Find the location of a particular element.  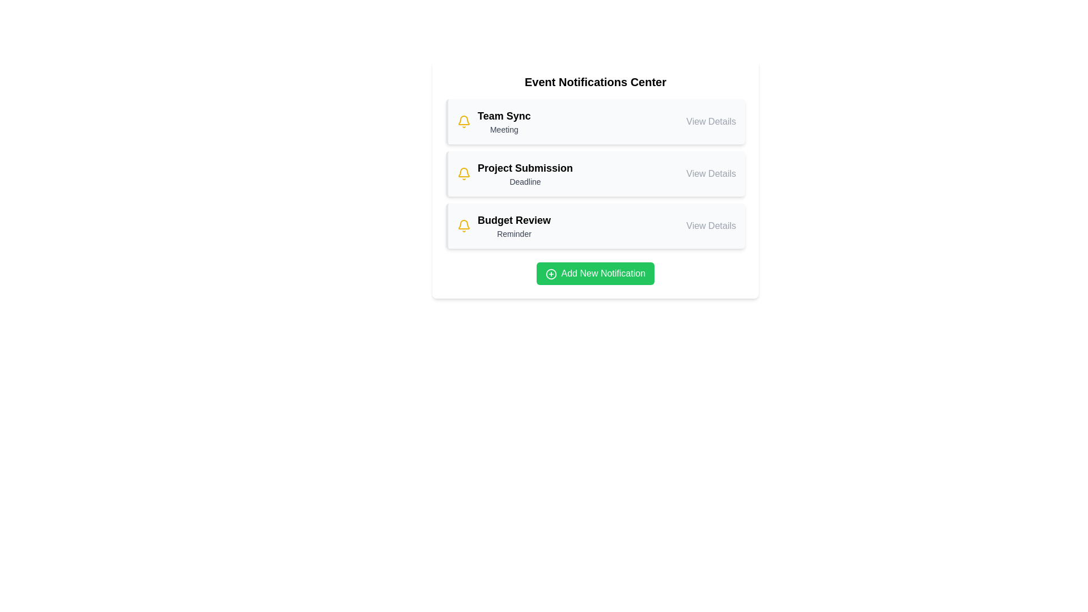

the button located at the bottom of the 'Event Notifications Center' is located at coordinates (595, 273).